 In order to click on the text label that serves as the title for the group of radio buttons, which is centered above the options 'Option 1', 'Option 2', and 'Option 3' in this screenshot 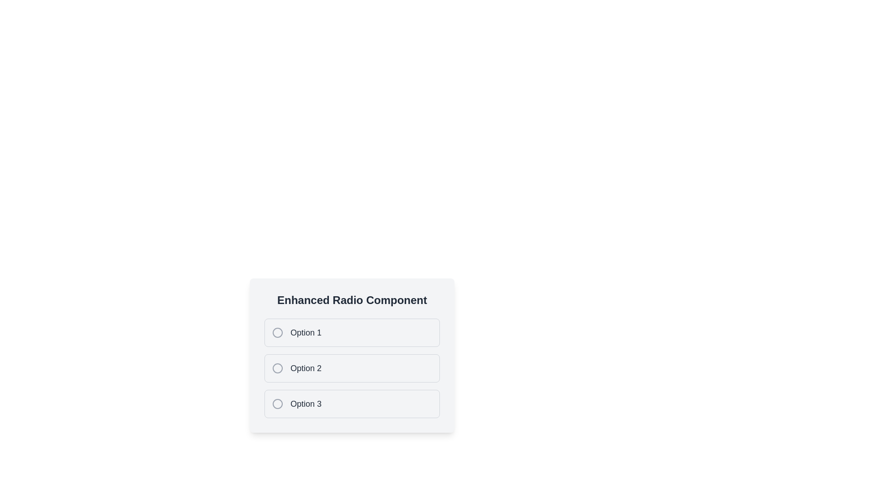, I will do `click(352, 300)`.